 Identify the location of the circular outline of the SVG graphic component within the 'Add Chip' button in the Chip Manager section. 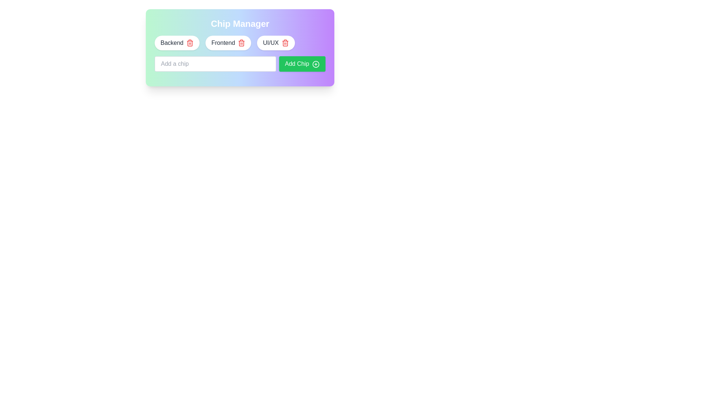
(316, 64).